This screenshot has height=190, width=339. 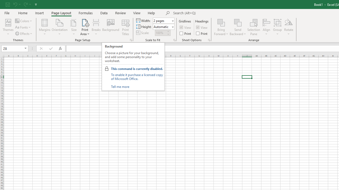 I want to click on 'This command is currently disabled.', so click(x=137, y=68).